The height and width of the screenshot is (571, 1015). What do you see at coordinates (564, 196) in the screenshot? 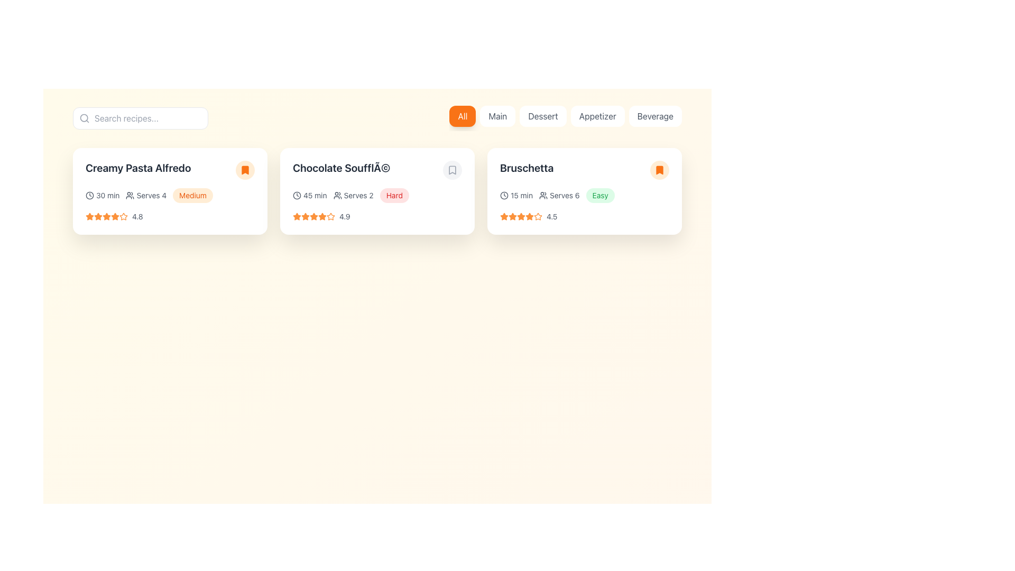
I see `the static text label displaying 'Serves 6'` at bounding box center [564, 196].